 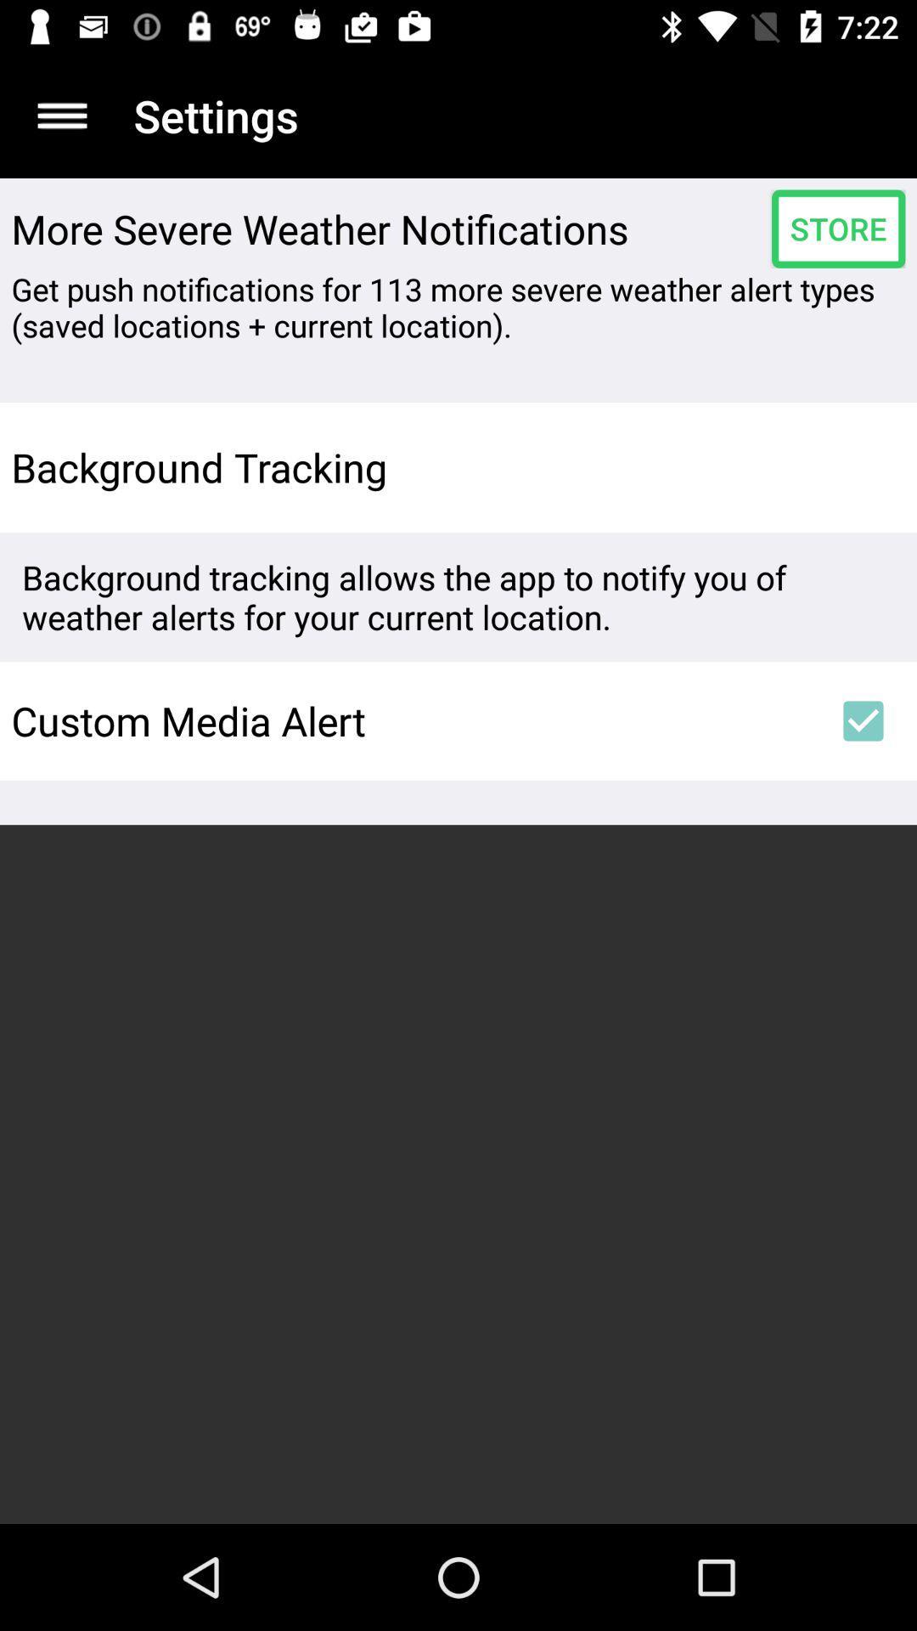 I want to click on the settings option, so click(x=61, y=115).